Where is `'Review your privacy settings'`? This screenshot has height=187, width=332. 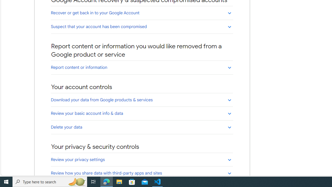
'Review your privacy settings' is located at coordinates (142, 159).